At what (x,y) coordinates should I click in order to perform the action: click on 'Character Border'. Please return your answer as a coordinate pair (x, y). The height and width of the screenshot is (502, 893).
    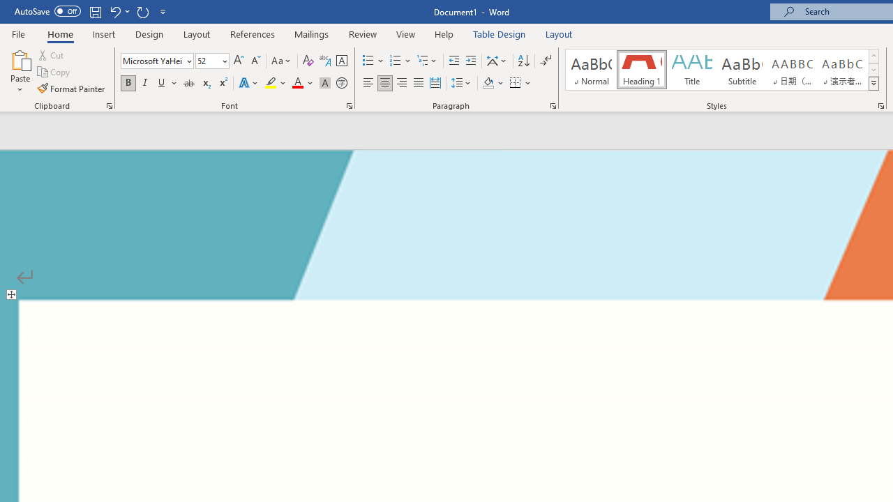
    Looking at the image, I should click on (341, 60).